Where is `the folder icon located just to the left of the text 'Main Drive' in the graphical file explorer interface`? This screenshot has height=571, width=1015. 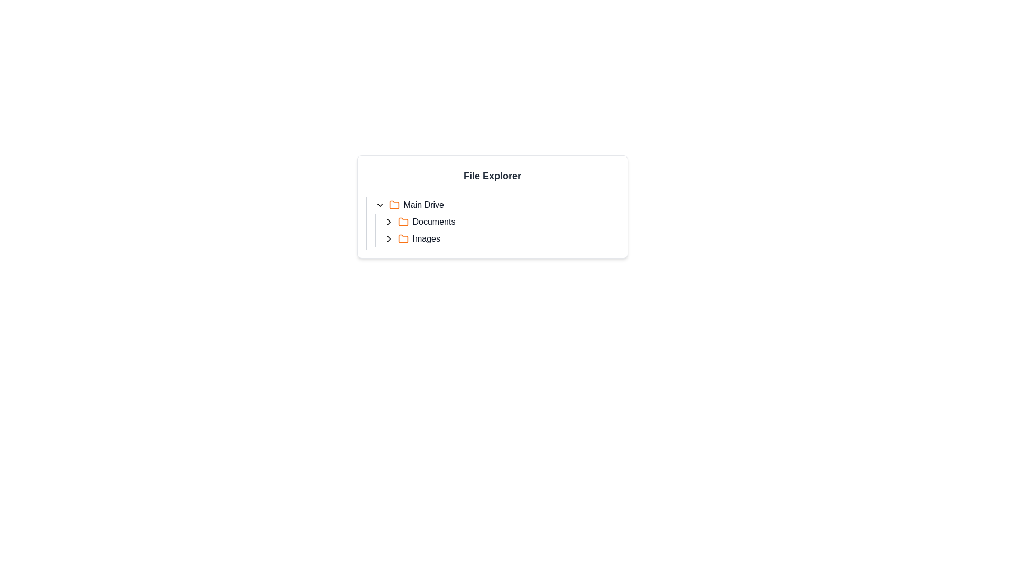
the folder icon located just to the left of the text 'Main Drive' in the graphical file explorer interface is located at coordinates (393, 205).